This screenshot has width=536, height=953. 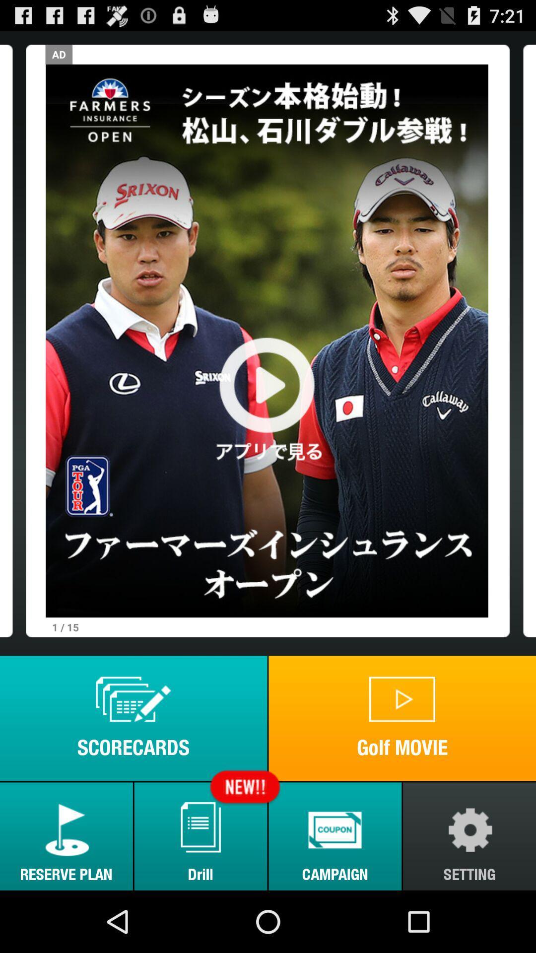 What do you see at coordinates (469, 836) in the screenshot?
I see `setting button` at bounding box center [469, 836].